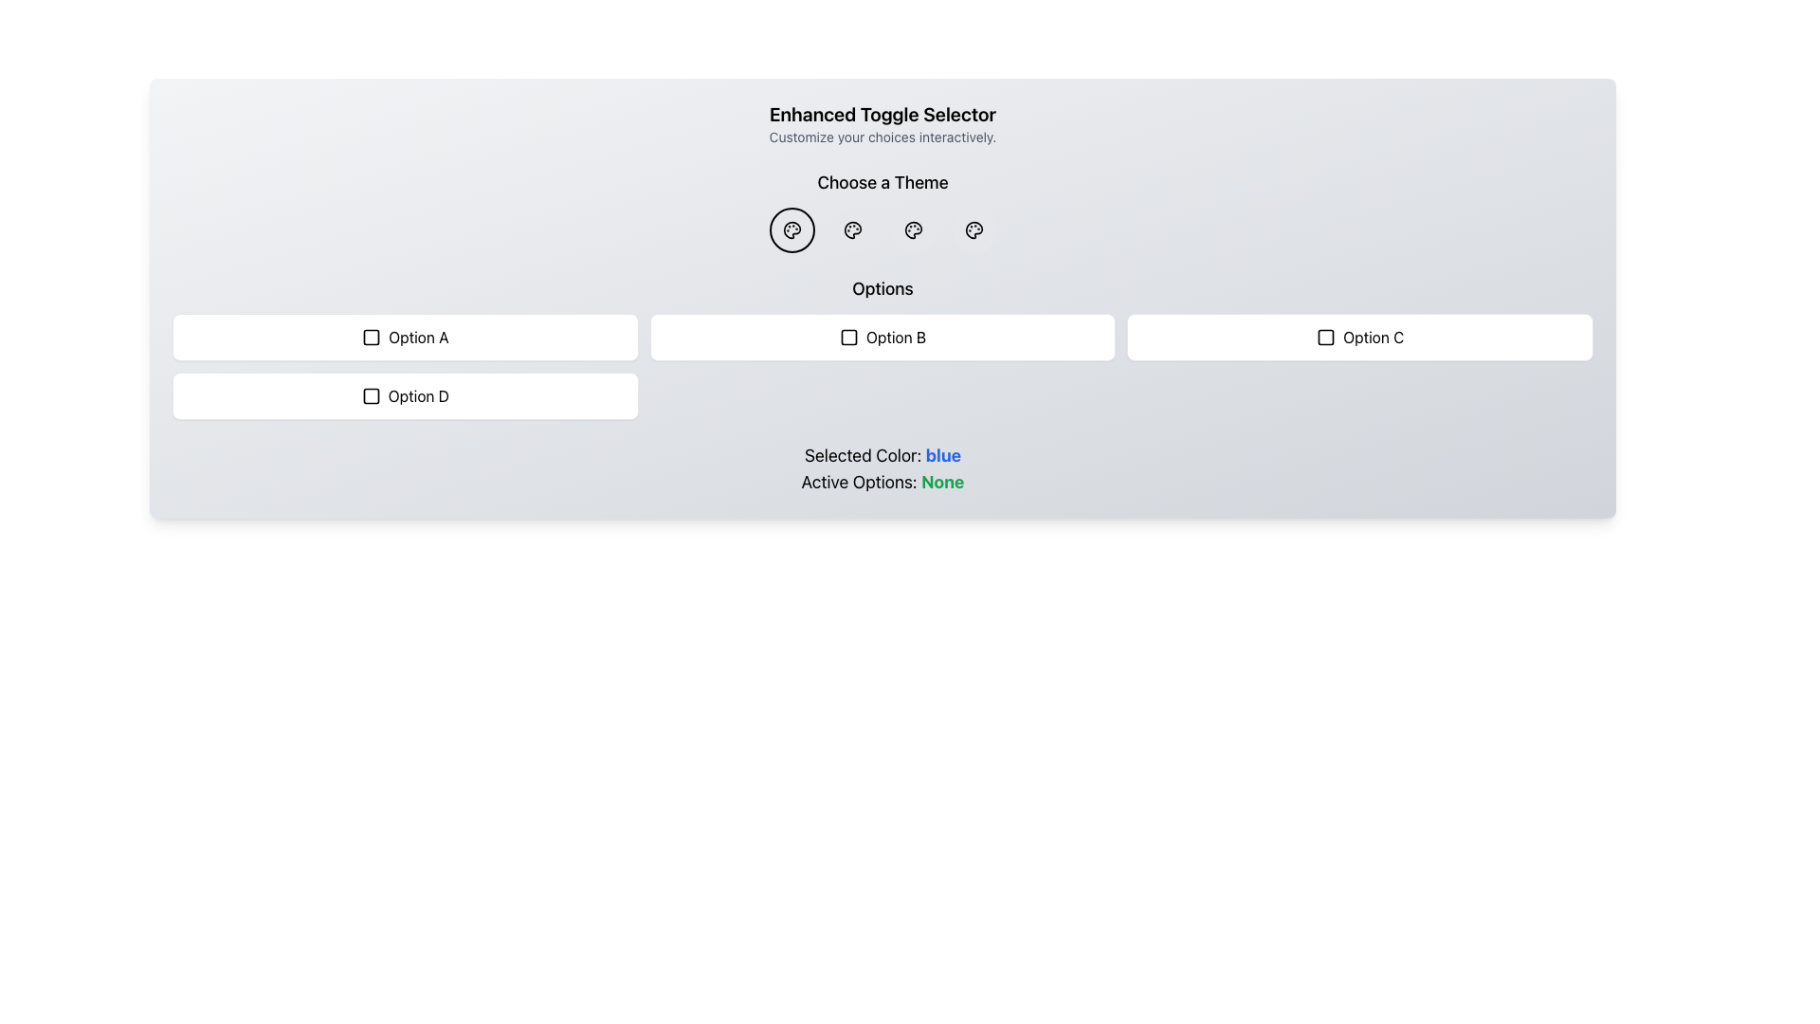  I want to click on the 'Option A' checkbox, so click(404, 336).